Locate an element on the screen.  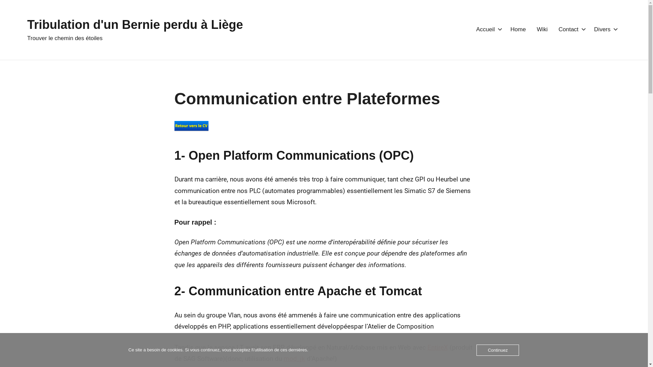
'Accueil' is located at coordinates (487, 29).